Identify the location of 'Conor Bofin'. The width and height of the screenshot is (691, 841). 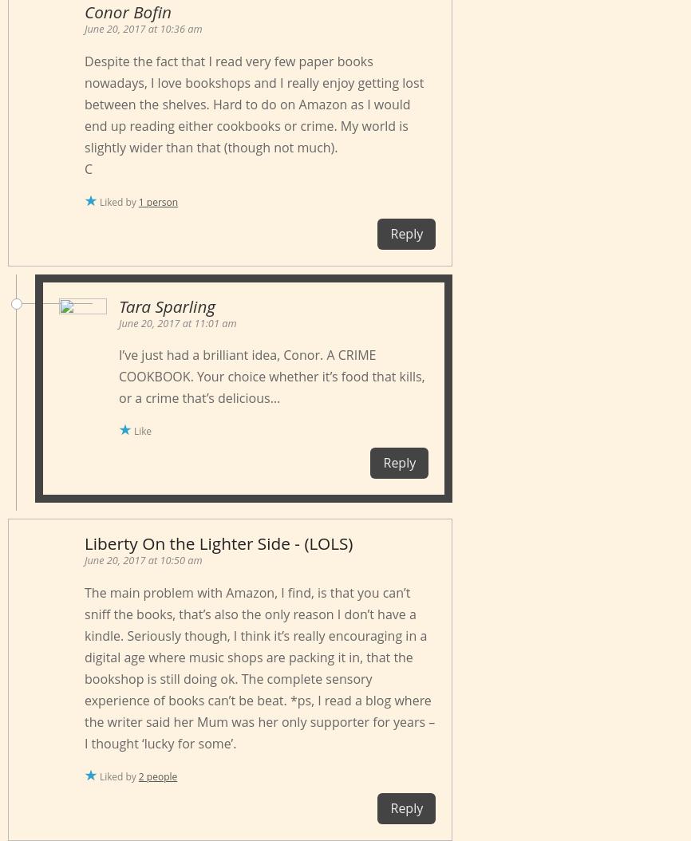
(128, 11).